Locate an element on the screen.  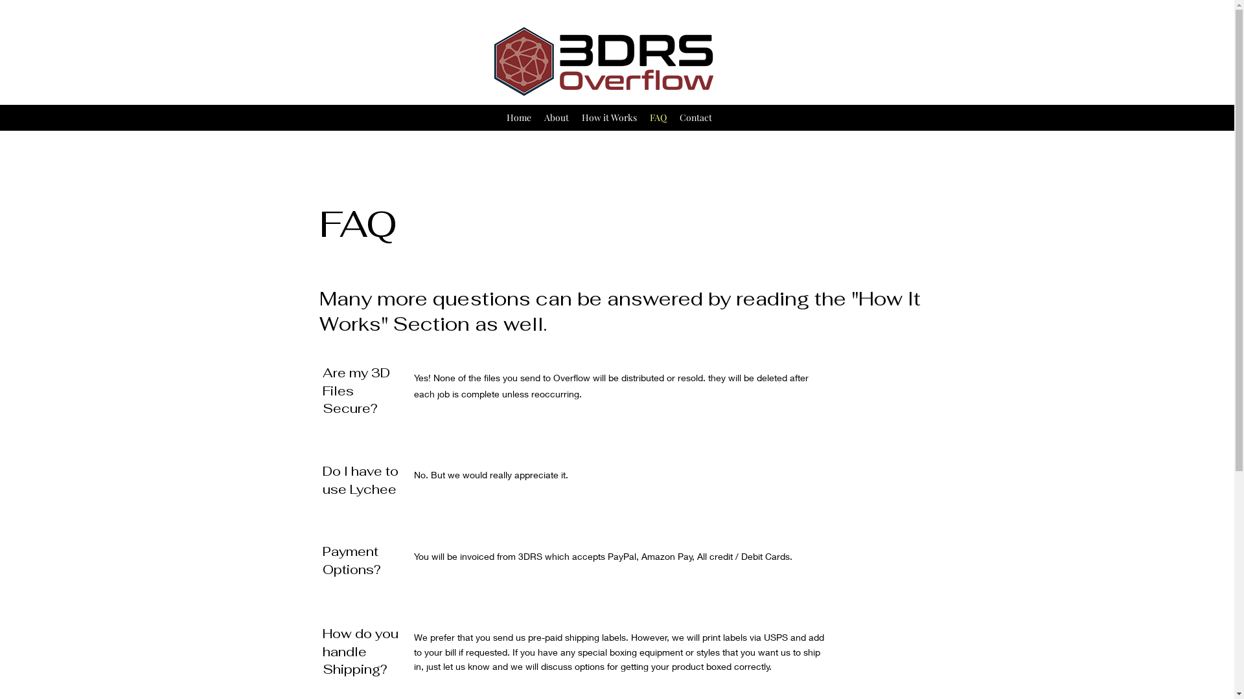
'How it Works' is located at coordinates (575, 117).